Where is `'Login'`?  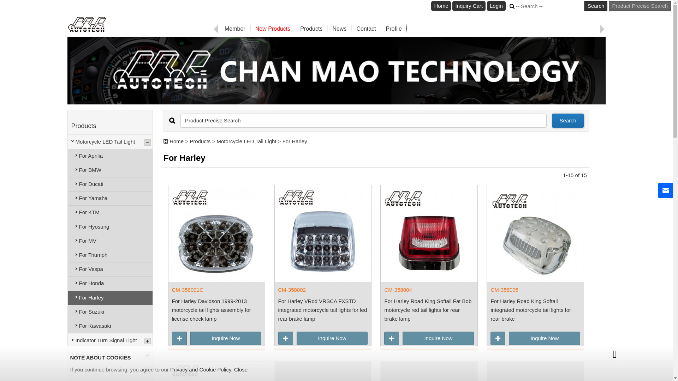
'Login' is located at coordinates (496, 6).